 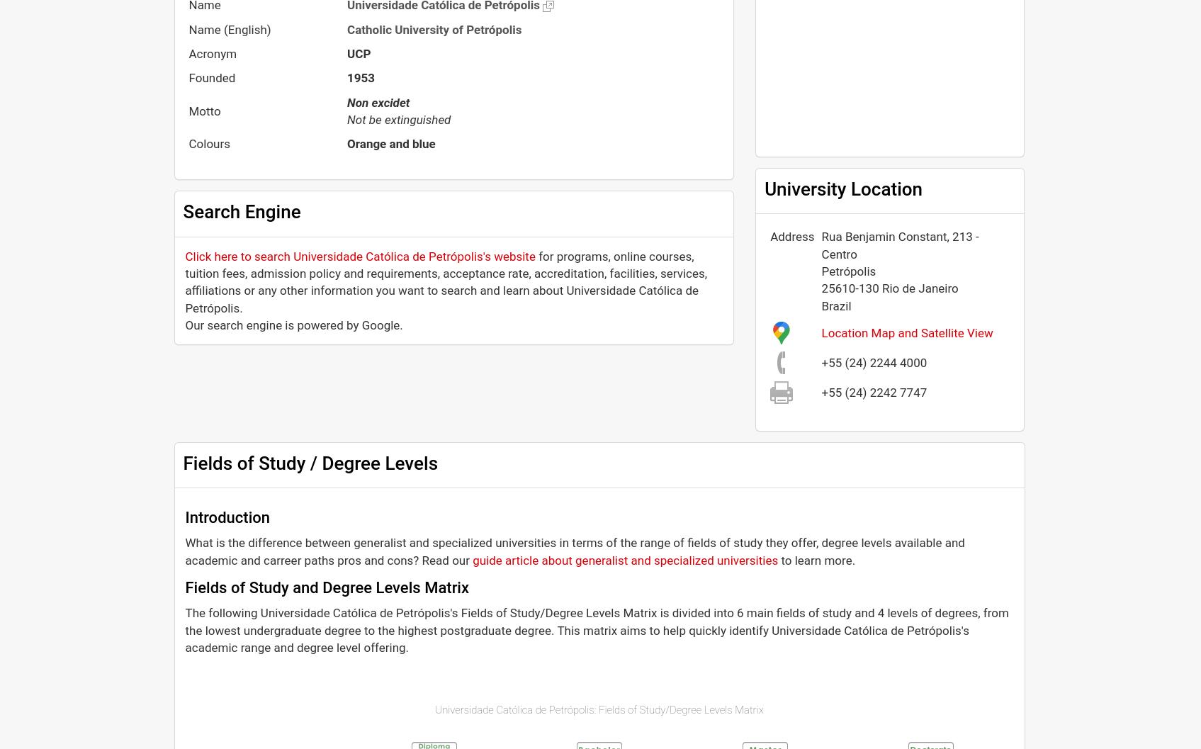 What do you see at coordinates (836, 305) in the screenshot?
I see `'Brazil'` at bounding box center [836, 305].